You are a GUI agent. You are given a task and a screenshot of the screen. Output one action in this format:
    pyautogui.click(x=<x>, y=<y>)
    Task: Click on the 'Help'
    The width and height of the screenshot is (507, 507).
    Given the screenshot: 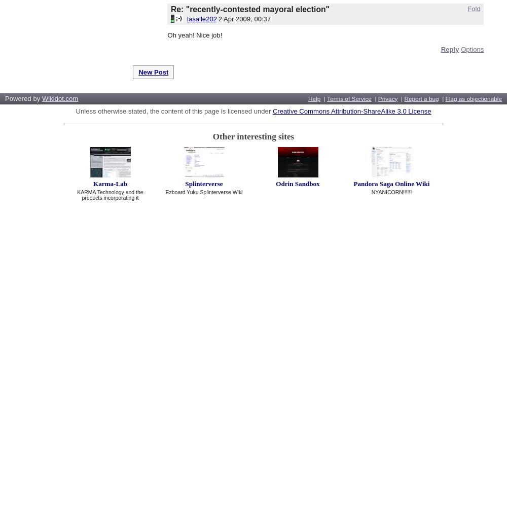 What is the action you would take?
    pyautogui.click(x=314, y=98)
    